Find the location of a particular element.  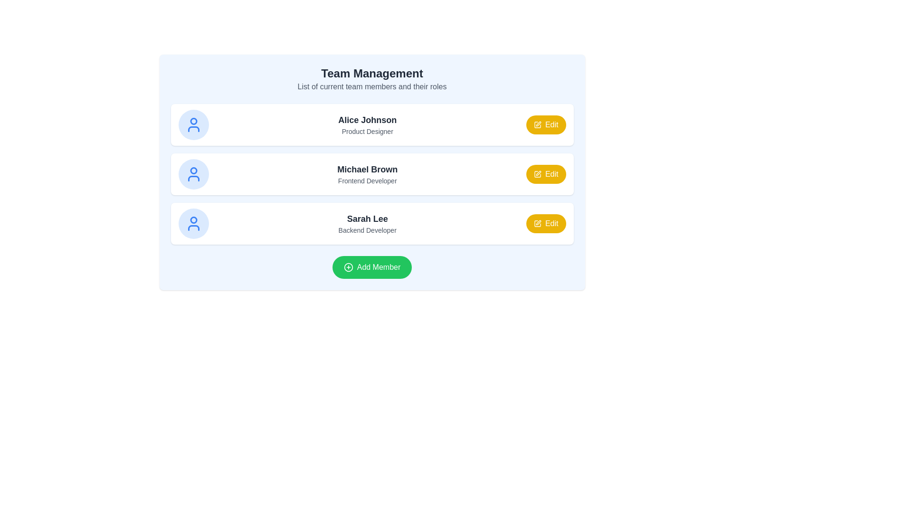

the green 'Add Member' button with a white '+' icon is located at coordinates (371, 267).